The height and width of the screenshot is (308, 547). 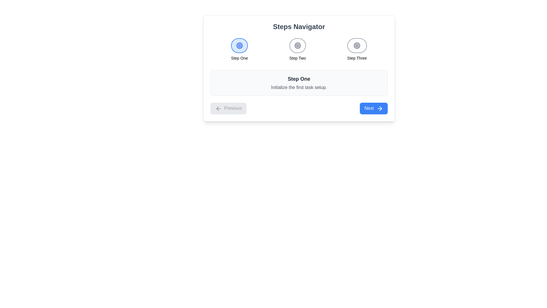 What do you see at coordinates (357, 49) in the screenshot?
I see `the Step indicator labeled 'Step Three', which visually represents the third step in the navigation process` at bounding box center [357, 49].